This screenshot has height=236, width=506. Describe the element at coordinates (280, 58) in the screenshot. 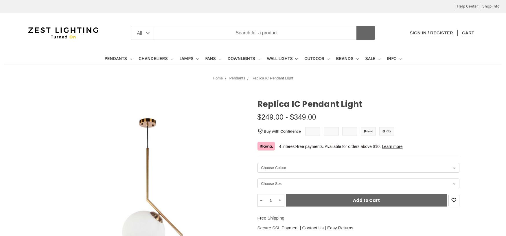

I see `'Wall Lights'` at that location.